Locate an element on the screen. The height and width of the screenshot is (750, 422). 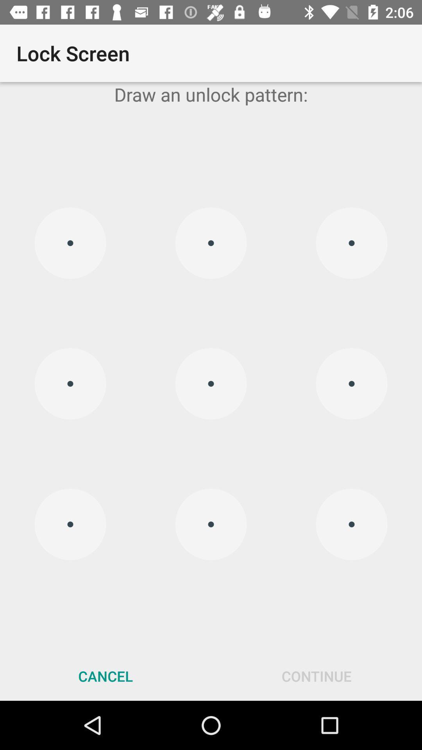
the cancel item is located at coordinates (105, 676).